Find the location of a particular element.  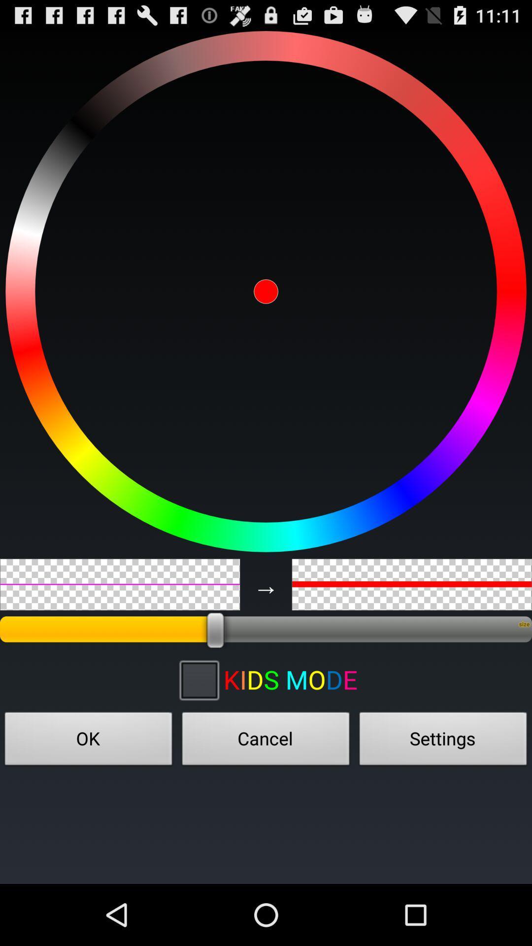

the settings is located at coordinates (442, 742).